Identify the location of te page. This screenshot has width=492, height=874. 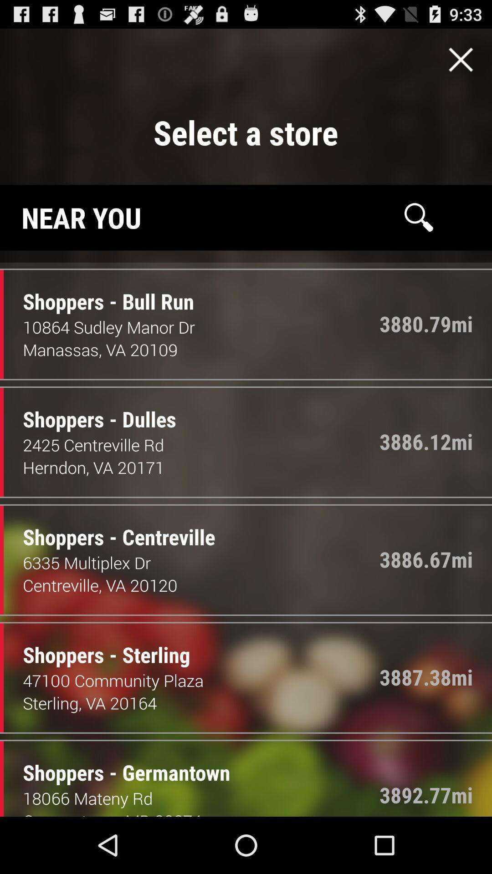
(461, 59).